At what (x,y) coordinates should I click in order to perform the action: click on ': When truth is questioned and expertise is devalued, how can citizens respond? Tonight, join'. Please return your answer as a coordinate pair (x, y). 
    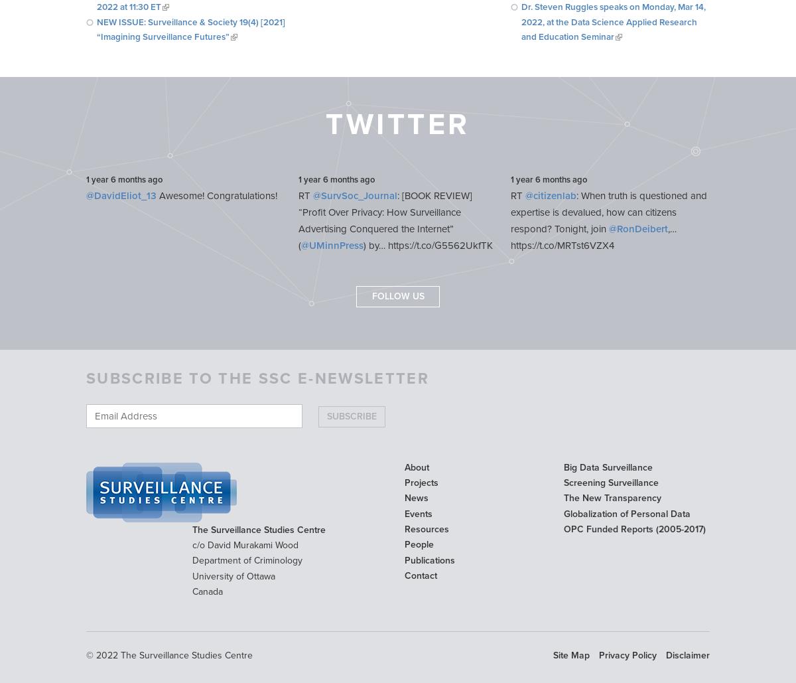
    Looking at the image, I should click on (609, 212).